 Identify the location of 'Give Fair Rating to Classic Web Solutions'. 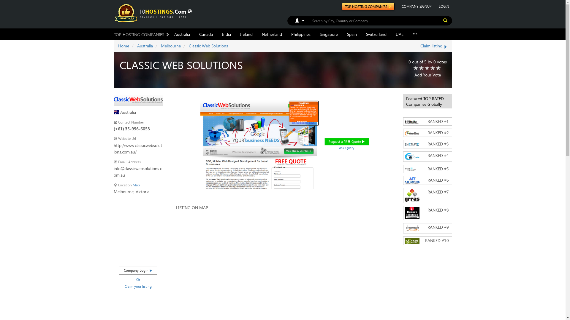
(421, 68).